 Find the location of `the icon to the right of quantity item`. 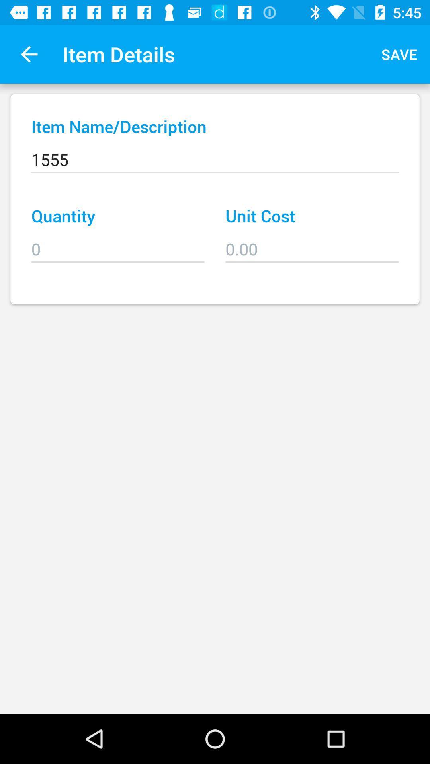

the icon to the right of quantity item is located at coordinates (311, 243).